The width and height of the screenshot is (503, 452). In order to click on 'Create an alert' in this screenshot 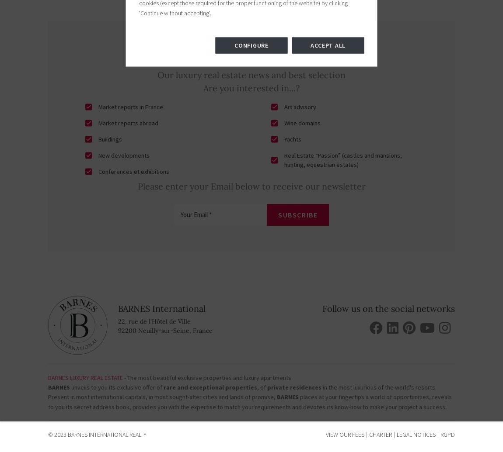, I will do `click(204, 400)`.